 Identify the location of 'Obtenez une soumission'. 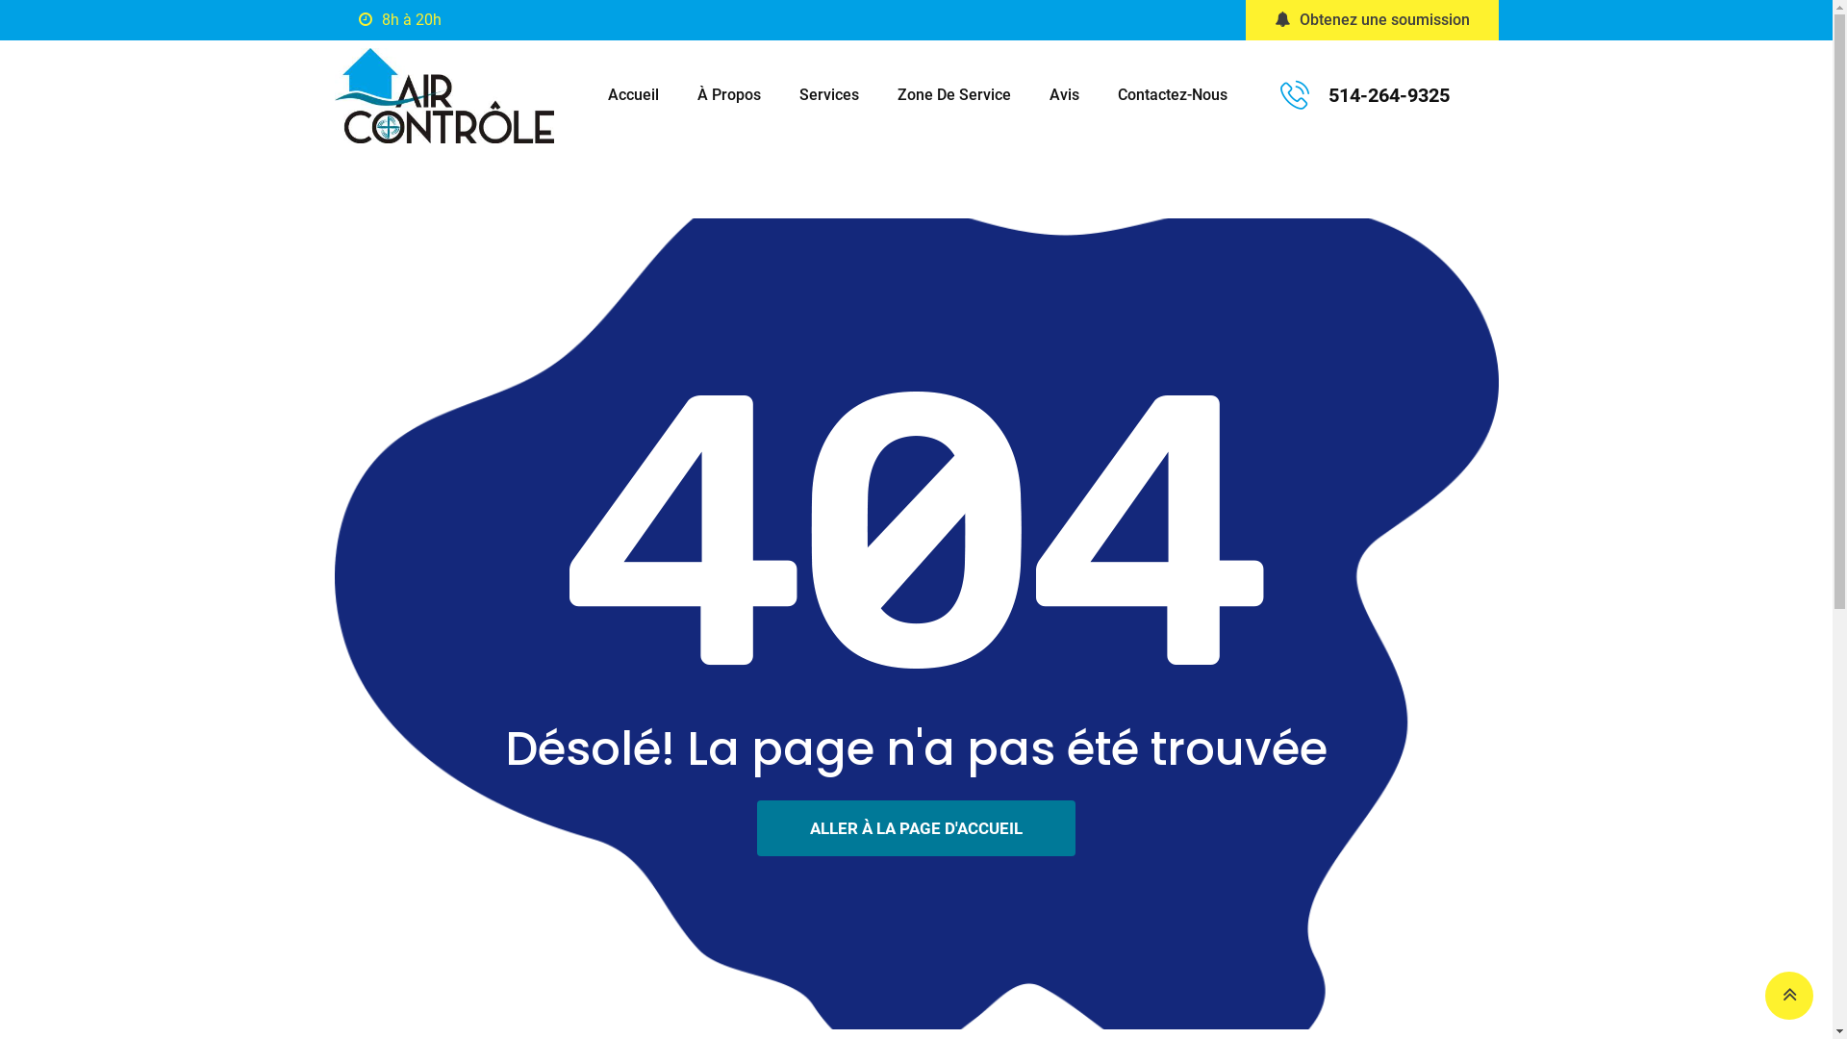
(1370, 19).